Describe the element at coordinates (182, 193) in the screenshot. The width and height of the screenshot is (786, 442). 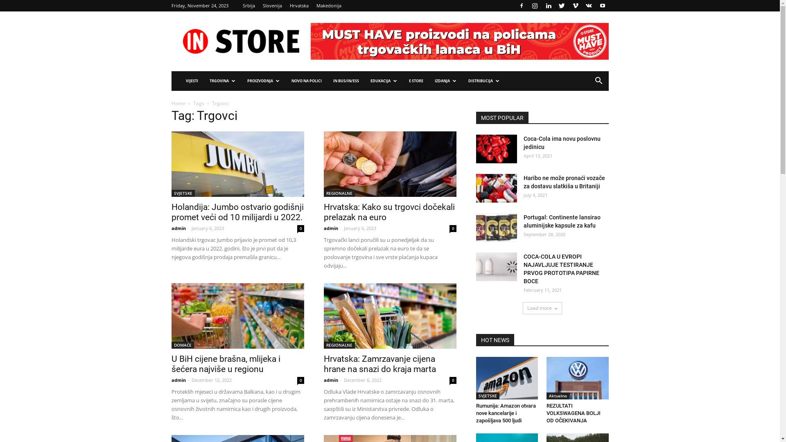
I see `'SVJETSKE'` at that location.